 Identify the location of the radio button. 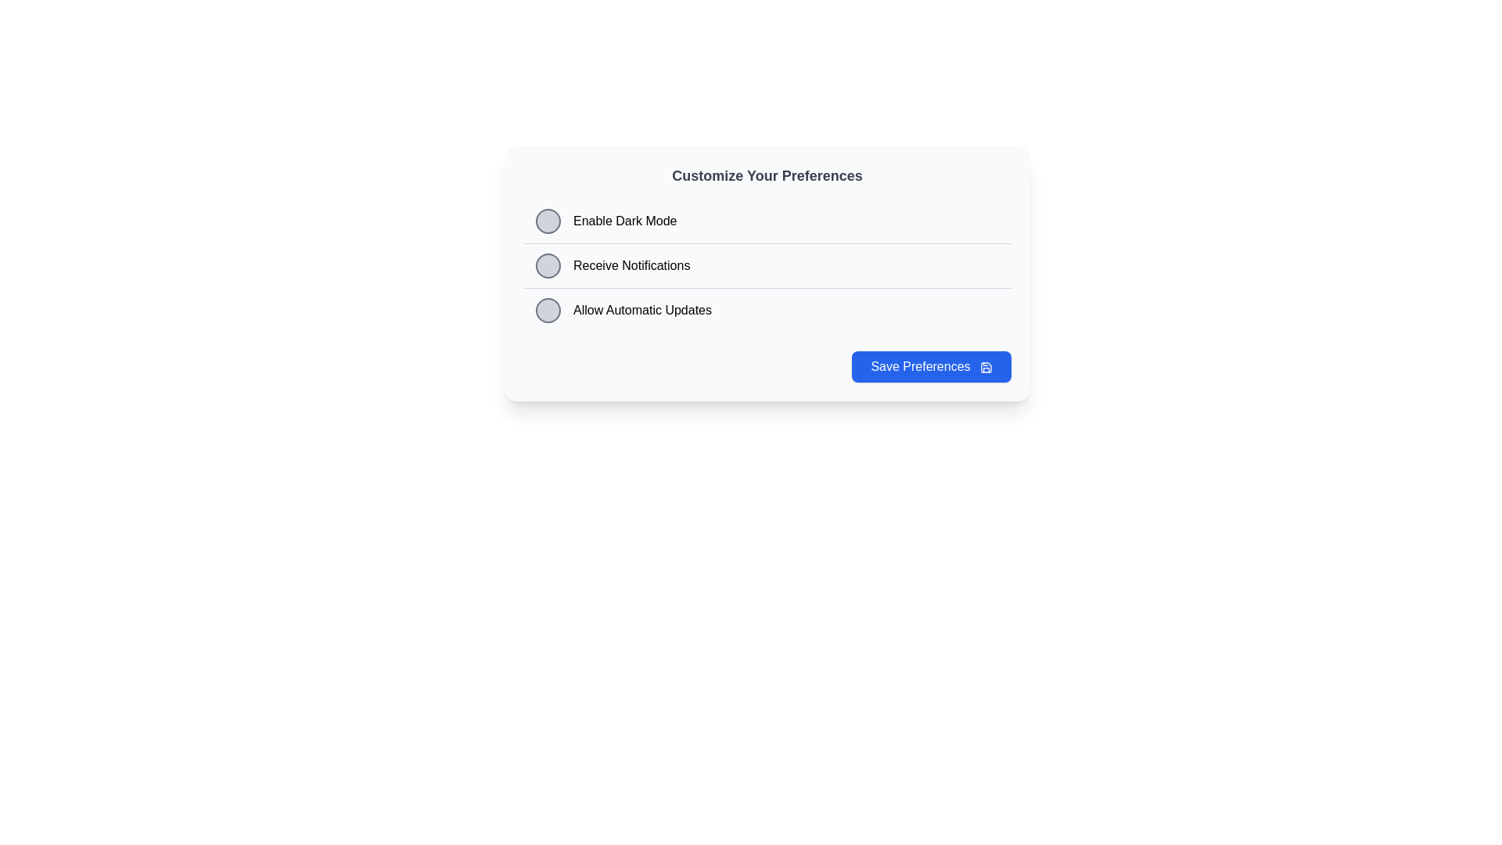
(548, 264).